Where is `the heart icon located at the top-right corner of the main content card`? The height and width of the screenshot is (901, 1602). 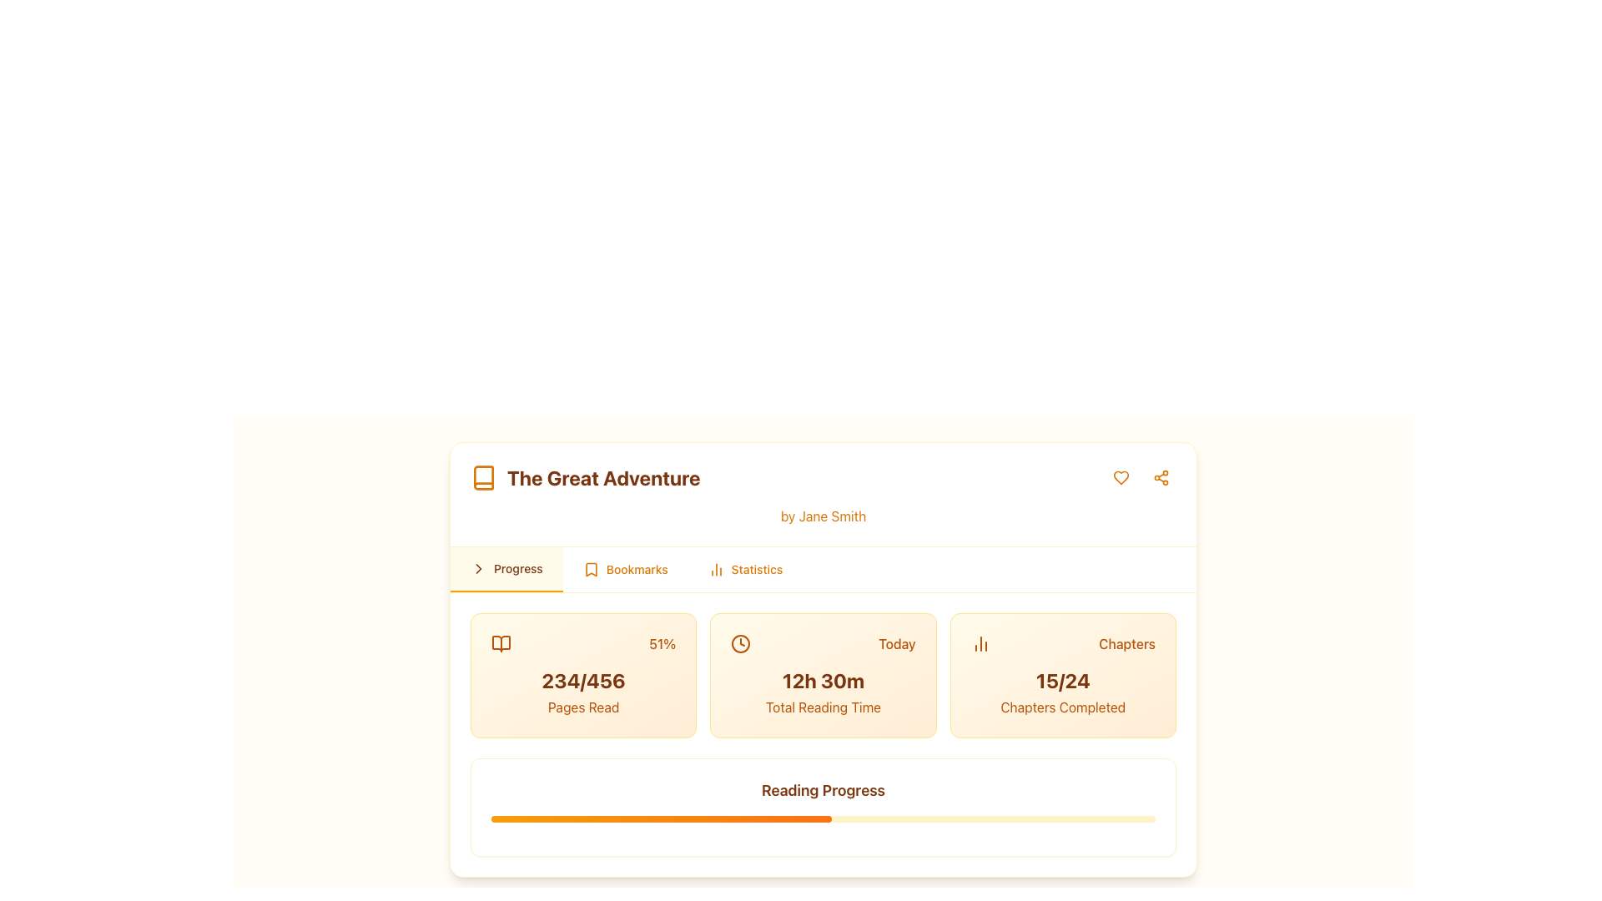
the heart icon located at the top-right corner of the main content card is located at coordinates (1121, 478).